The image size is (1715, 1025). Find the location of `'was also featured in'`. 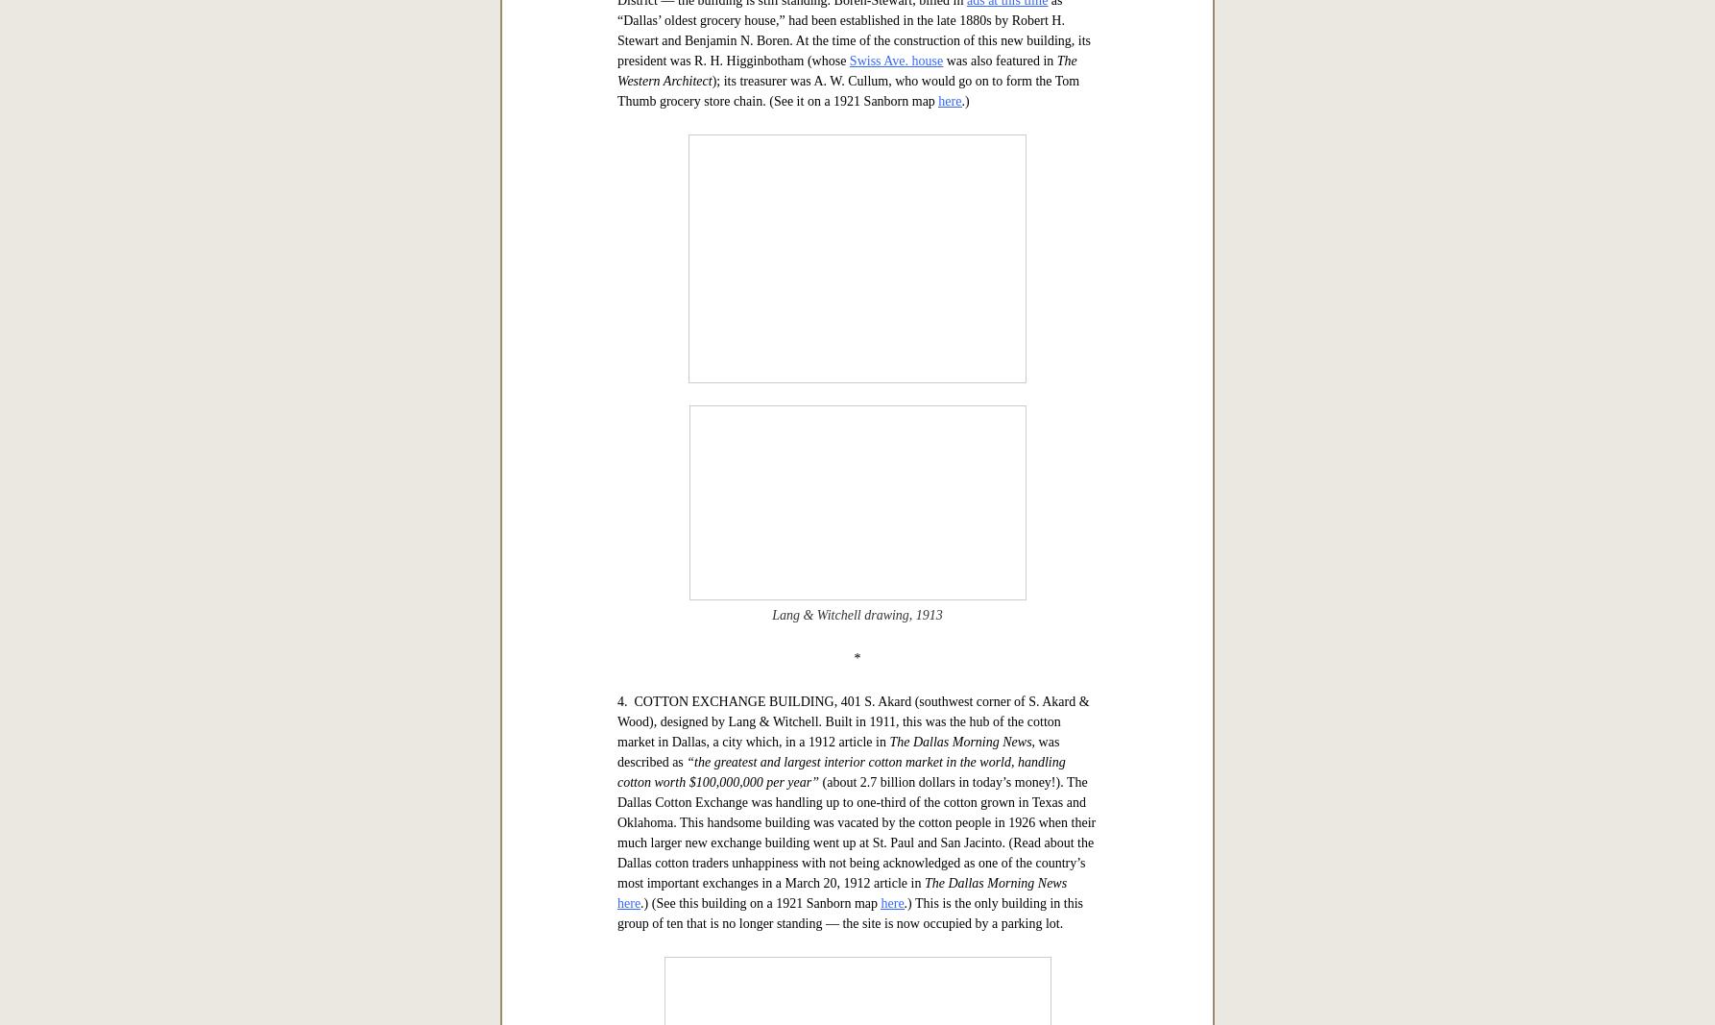

'was also featured in' is located at coordinates (1000, 663).